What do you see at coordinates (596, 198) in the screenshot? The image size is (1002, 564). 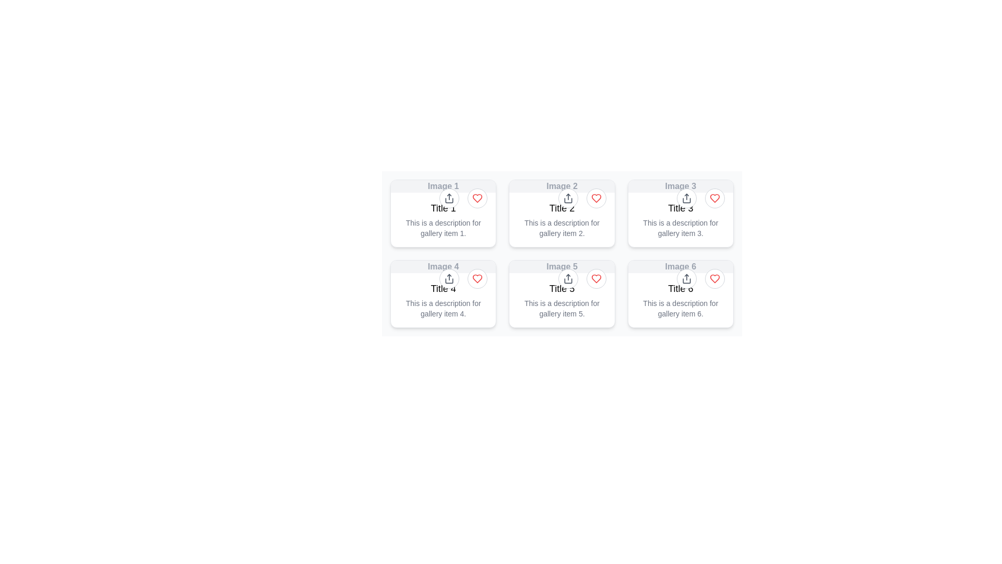 I see `the heart-shaped button in the upper-right corner of the card labeled 'Title 2' to favorite or unfavorite the item` at bounding box center [596, 198].